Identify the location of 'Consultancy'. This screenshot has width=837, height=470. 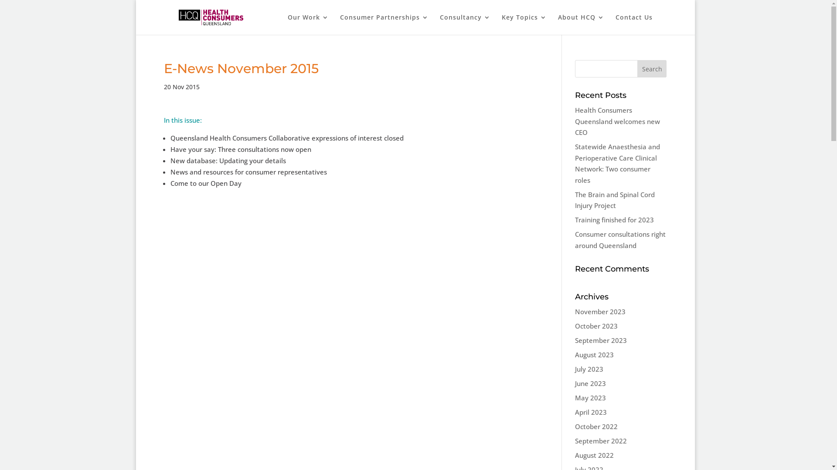
(464, 24).